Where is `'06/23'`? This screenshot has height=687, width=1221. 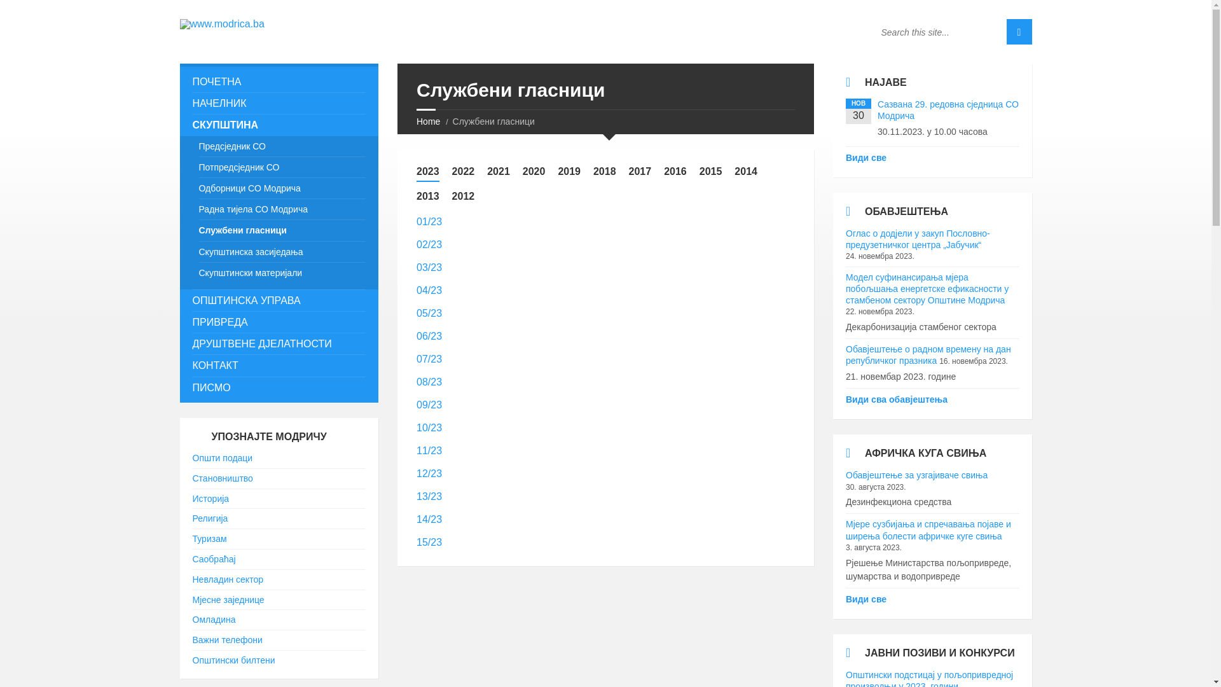
'06/23' is located at coordinates (429, 335).